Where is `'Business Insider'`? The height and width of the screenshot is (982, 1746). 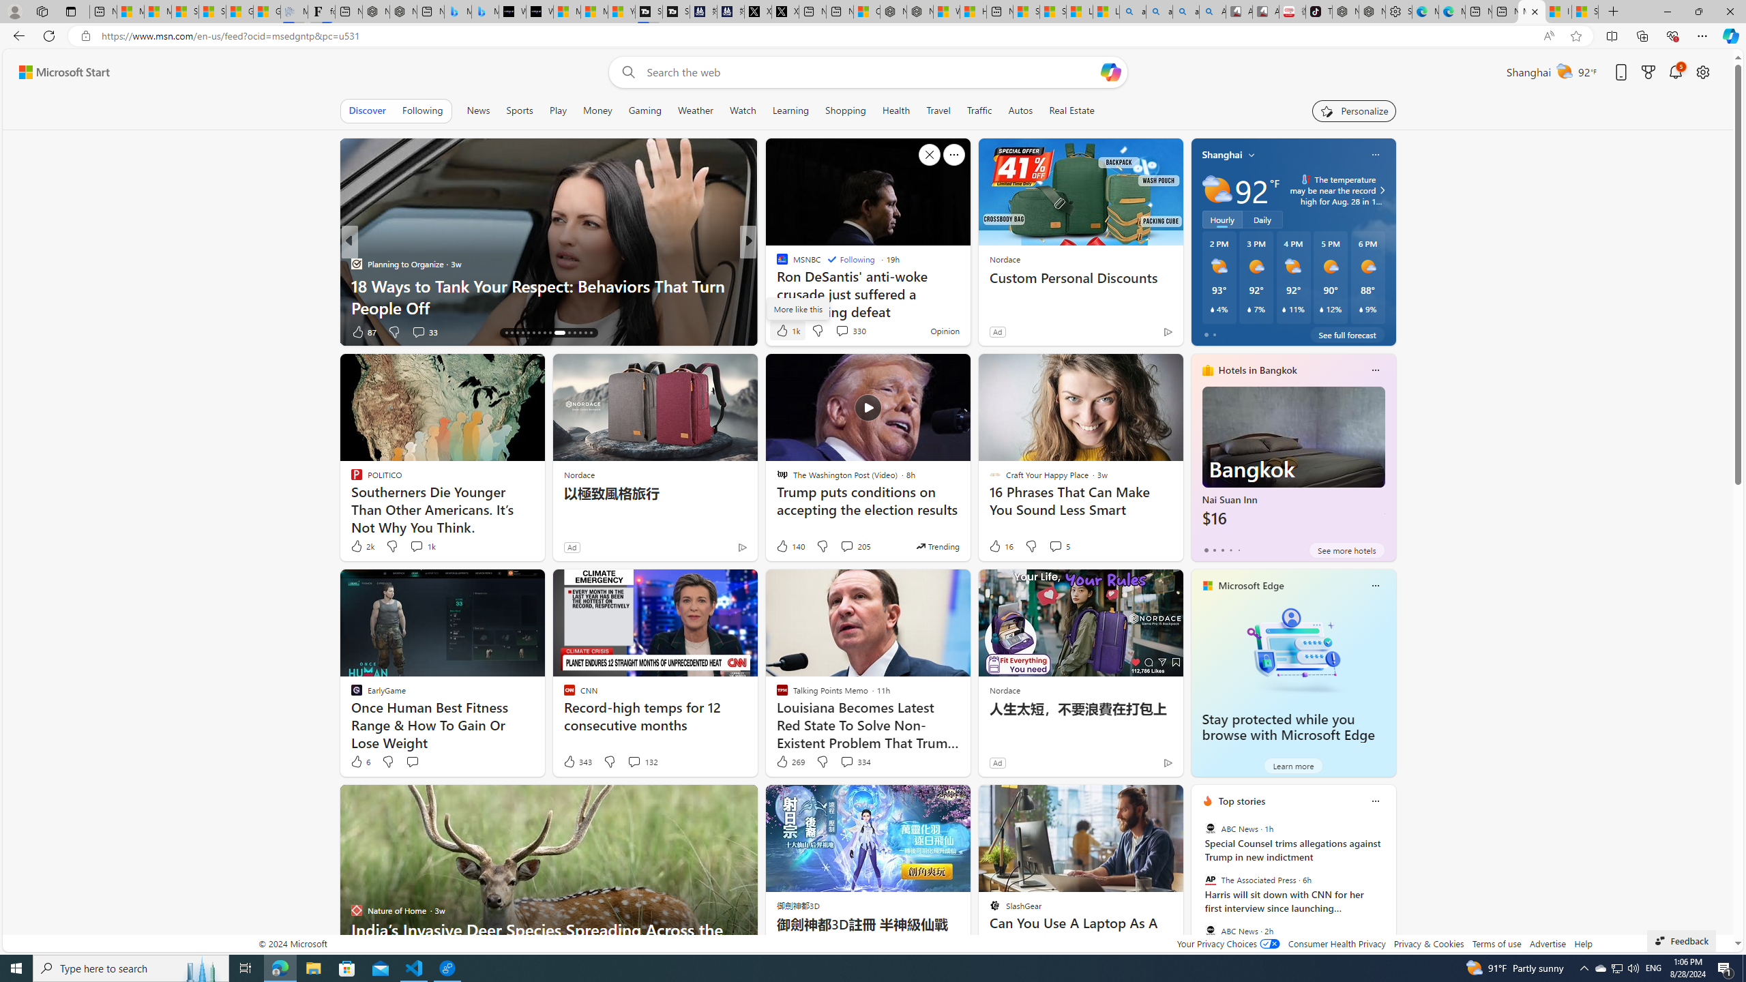 'Business Insider' is located at coordinates (775, 263).